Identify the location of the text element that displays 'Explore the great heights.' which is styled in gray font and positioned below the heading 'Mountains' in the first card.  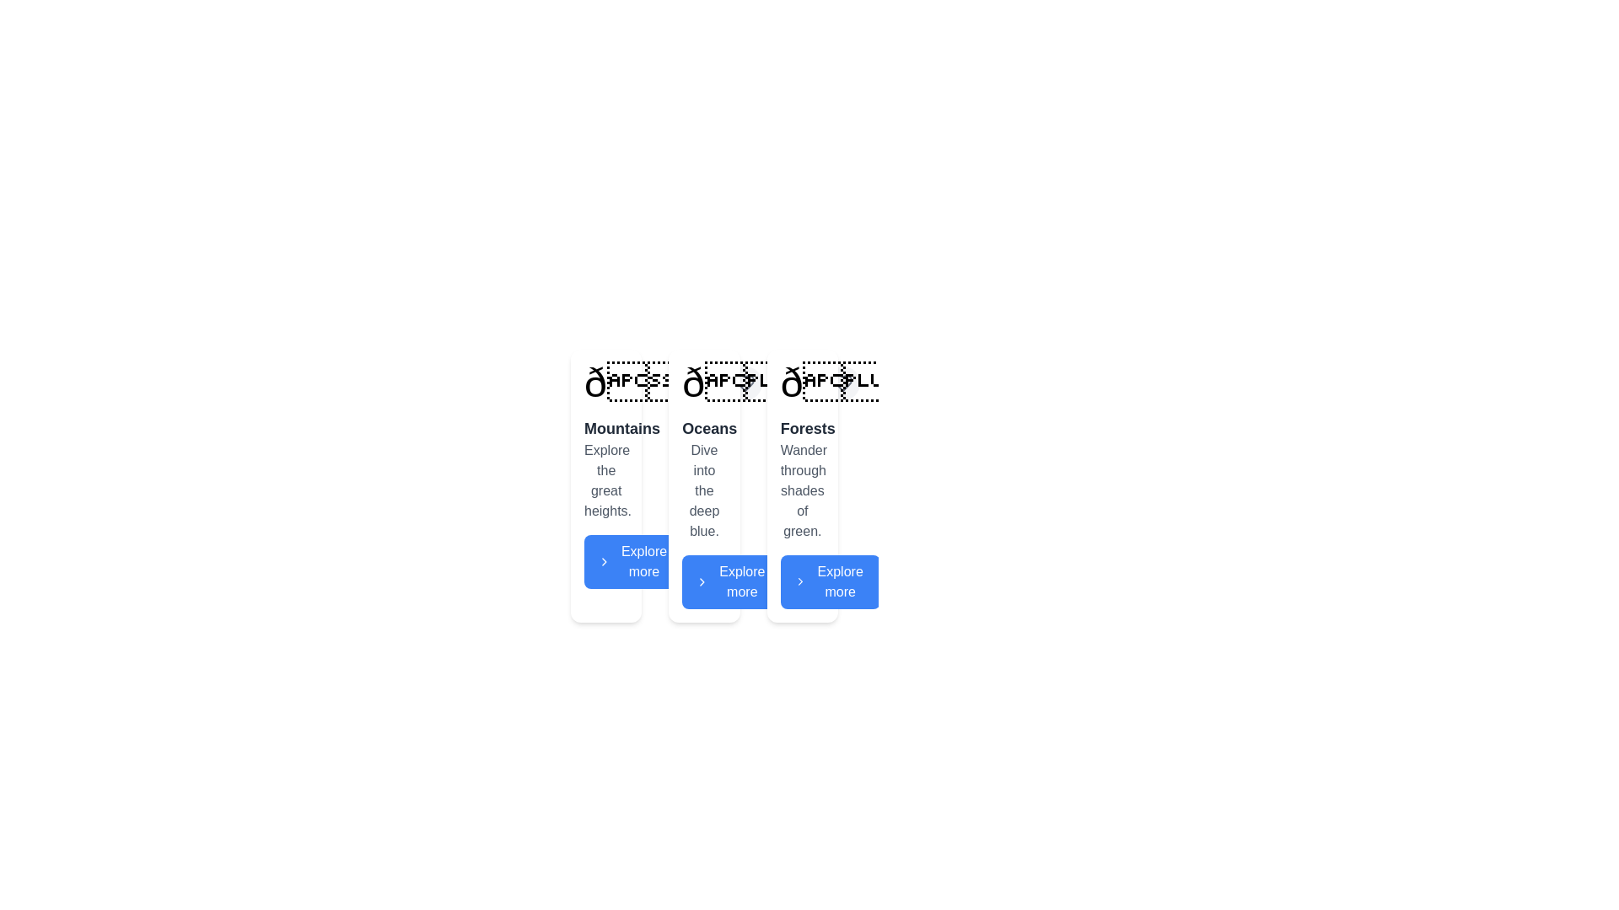
(606, 480).